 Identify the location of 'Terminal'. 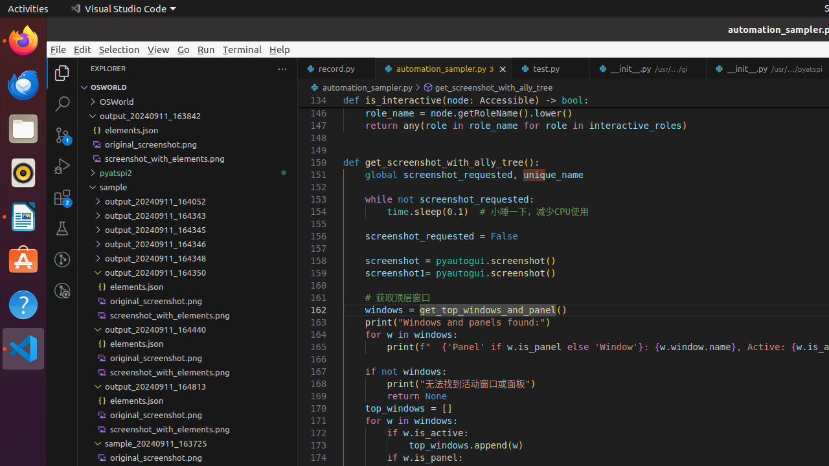
(242, 49).